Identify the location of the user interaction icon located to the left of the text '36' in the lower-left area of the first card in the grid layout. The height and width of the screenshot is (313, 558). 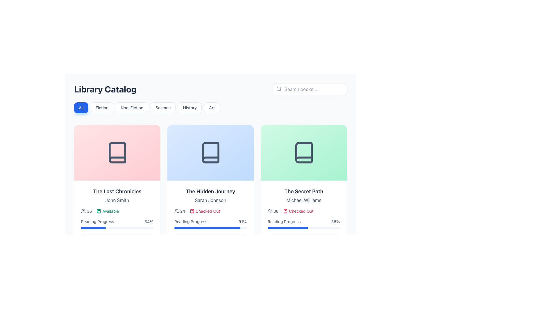
(83, 211).